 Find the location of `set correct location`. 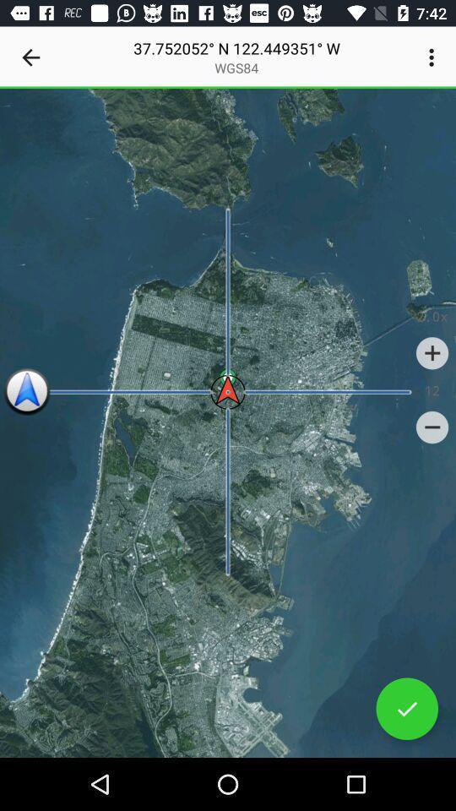

set correct location is located at coordinates (406, 709).